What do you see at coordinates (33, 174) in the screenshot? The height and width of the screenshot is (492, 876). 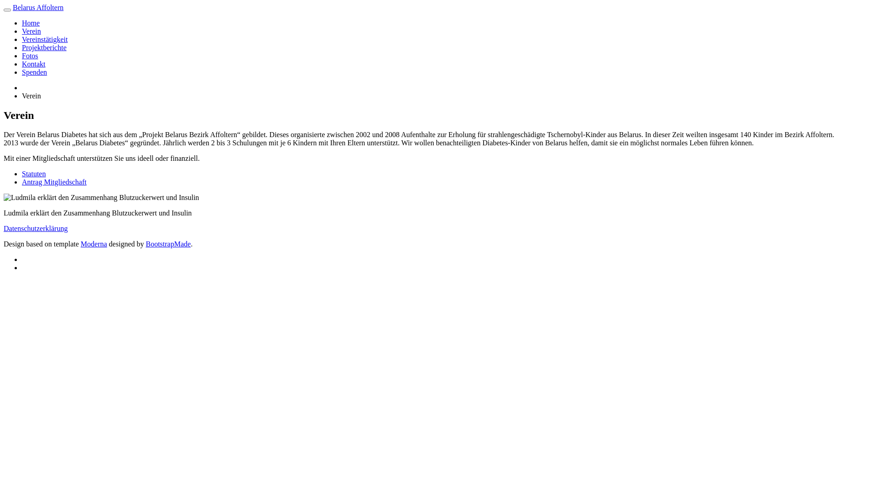 I see `'Statuten'` at bounding box center [33, 174].